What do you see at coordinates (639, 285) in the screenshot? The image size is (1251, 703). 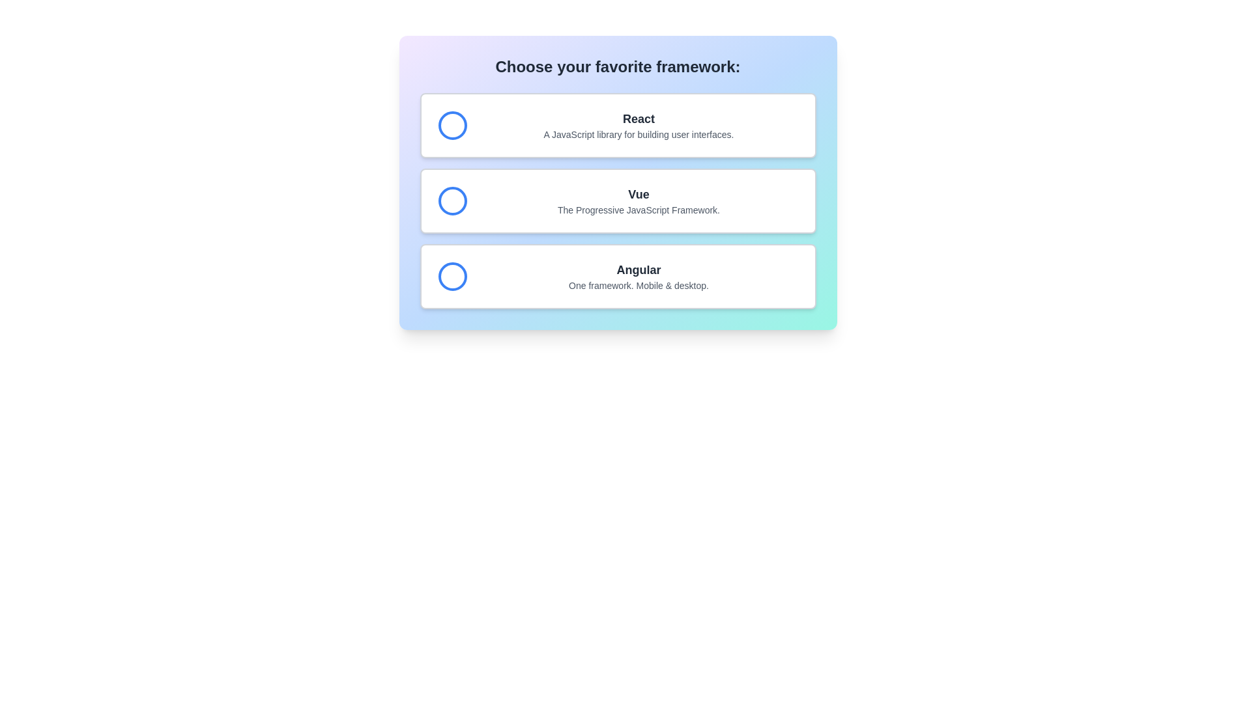 I see `the static text element that reads 'One framework. Mobile & desktop.' which is located below the bold 'Angular' title in the vertical selection interface` at bounding box center [639, 285].